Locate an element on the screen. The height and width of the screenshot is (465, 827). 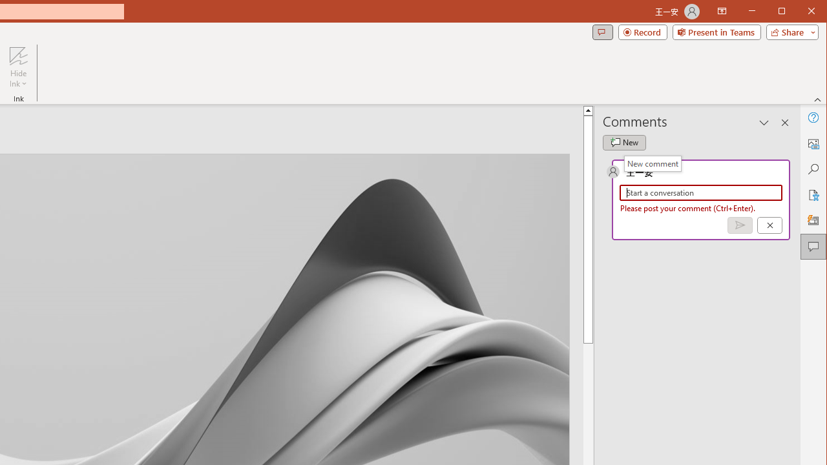
'Close pane' is located at coordinates (784, 123).